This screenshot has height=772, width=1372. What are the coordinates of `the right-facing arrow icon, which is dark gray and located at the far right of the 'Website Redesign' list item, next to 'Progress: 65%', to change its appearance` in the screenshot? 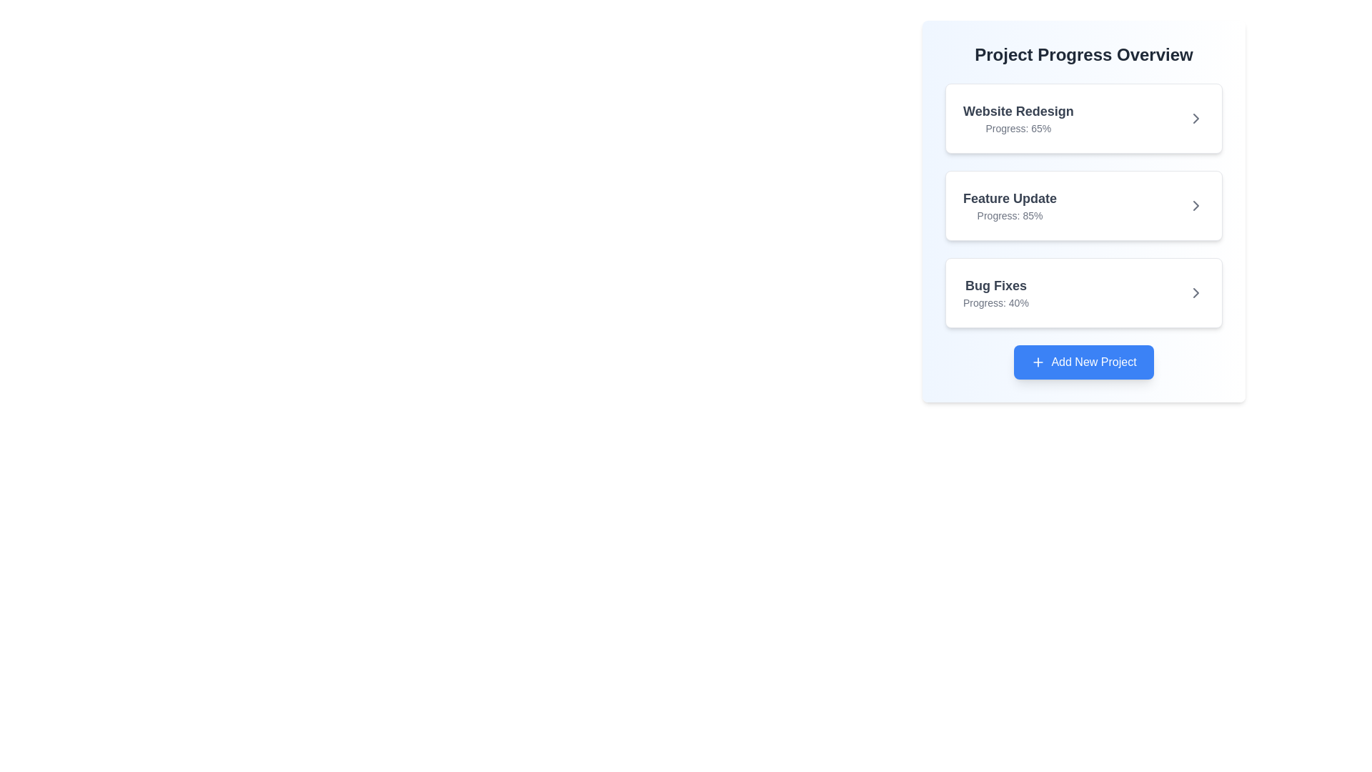 It's located at (1196, 117).